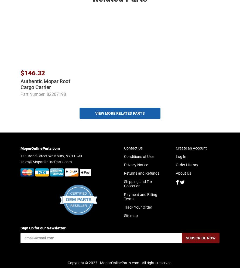 The height and width of the screenshot is (268, 240). I want to click on 'Privacy Notice', so click(136, 169).